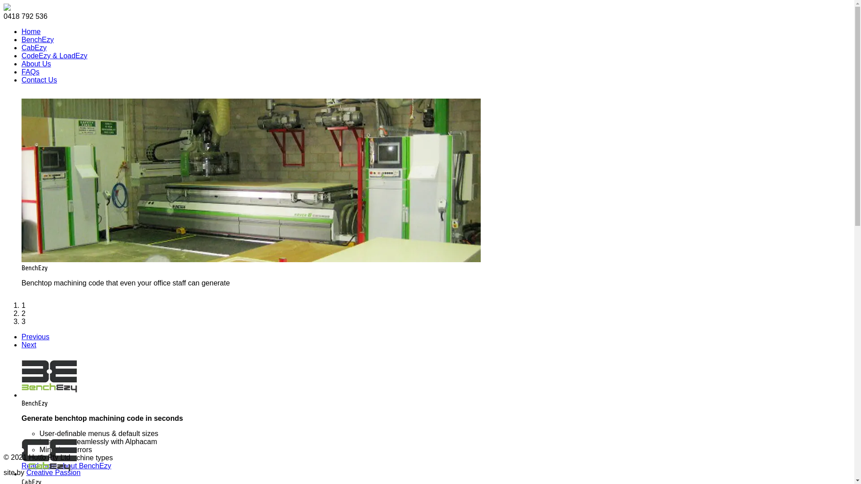  Describe the element at coordinates (34, 48) in the screenshot. I see `'CabEzy'` at that location.